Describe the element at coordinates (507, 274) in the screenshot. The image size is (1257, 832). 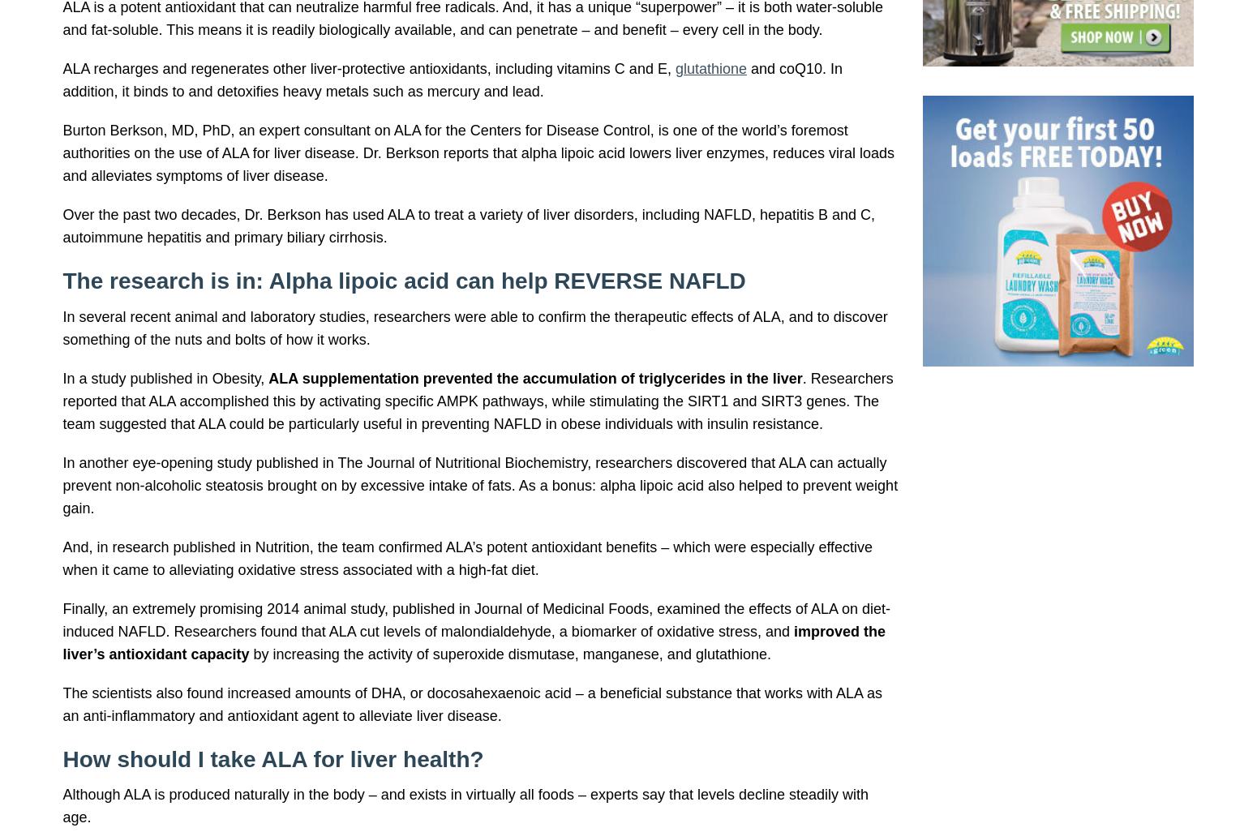
I see `'… 600 mg of ALA, 900 mg of silymarin – derived from milk thistle – and 400 mcg of selenium …'` at that location.